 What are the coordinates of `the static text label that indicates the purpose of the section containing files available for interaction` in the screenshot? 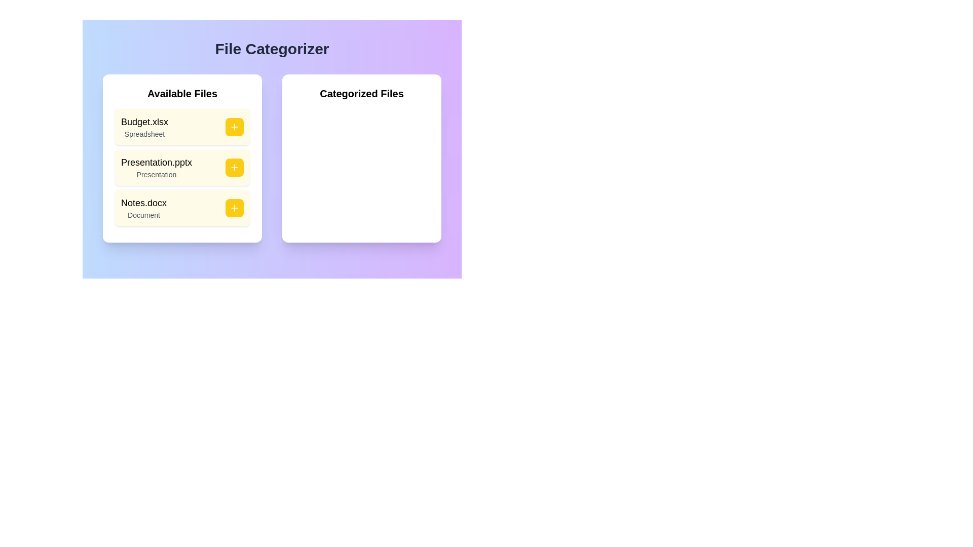 It's located at (182, 94).